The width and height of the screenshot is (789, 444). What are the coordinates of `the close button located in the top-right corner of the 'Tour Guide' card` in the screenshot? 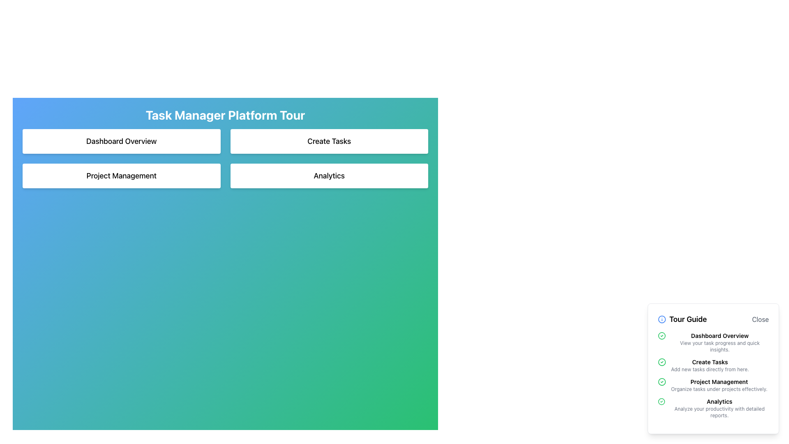 It's located at (759, 319).